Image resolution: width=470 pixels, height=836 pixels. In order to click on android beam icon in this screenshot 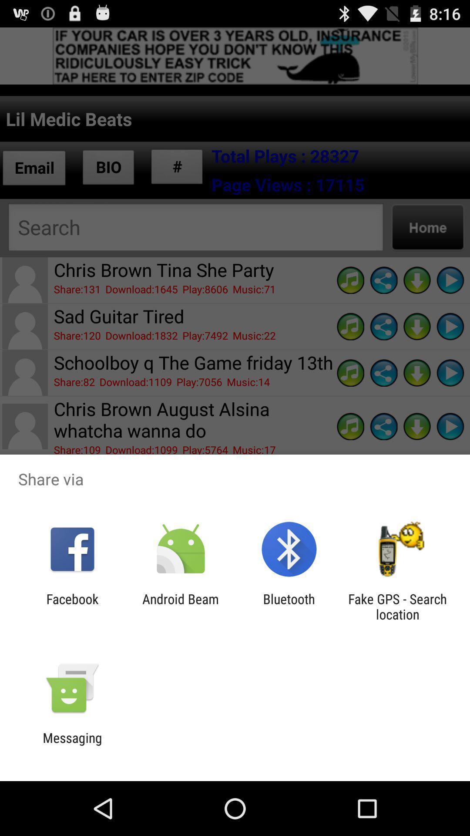, I will do `click(180, 606)`.